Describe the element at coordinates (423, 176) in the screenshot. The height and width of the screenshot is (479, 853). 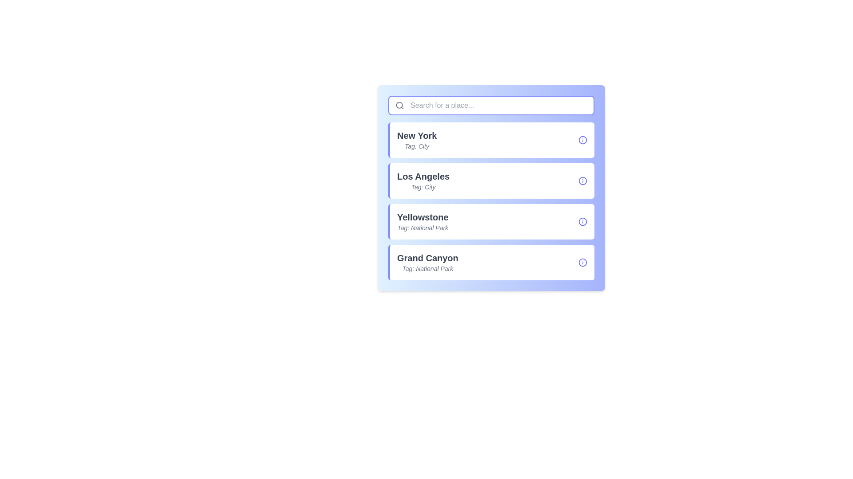
I see `the non-interactive text label displaying 'Los Angeles' which is located in the second list item of a vertical list within a panel` at that location.